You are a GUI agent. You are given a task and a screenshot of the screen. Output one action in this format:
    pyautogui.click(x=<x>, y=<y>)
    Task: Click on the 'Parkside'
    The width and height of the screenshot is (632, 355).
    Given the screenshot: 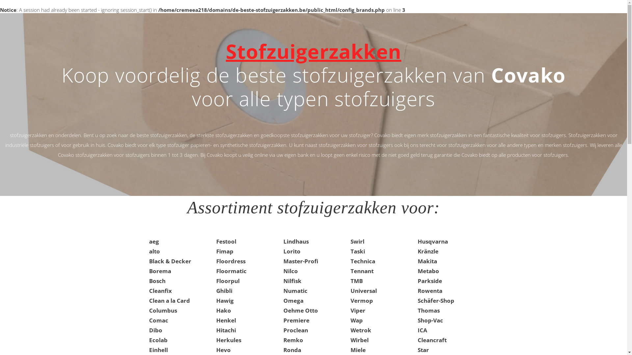 What is the action you would take?
    pyautogui.click(x=430, y=281)
    